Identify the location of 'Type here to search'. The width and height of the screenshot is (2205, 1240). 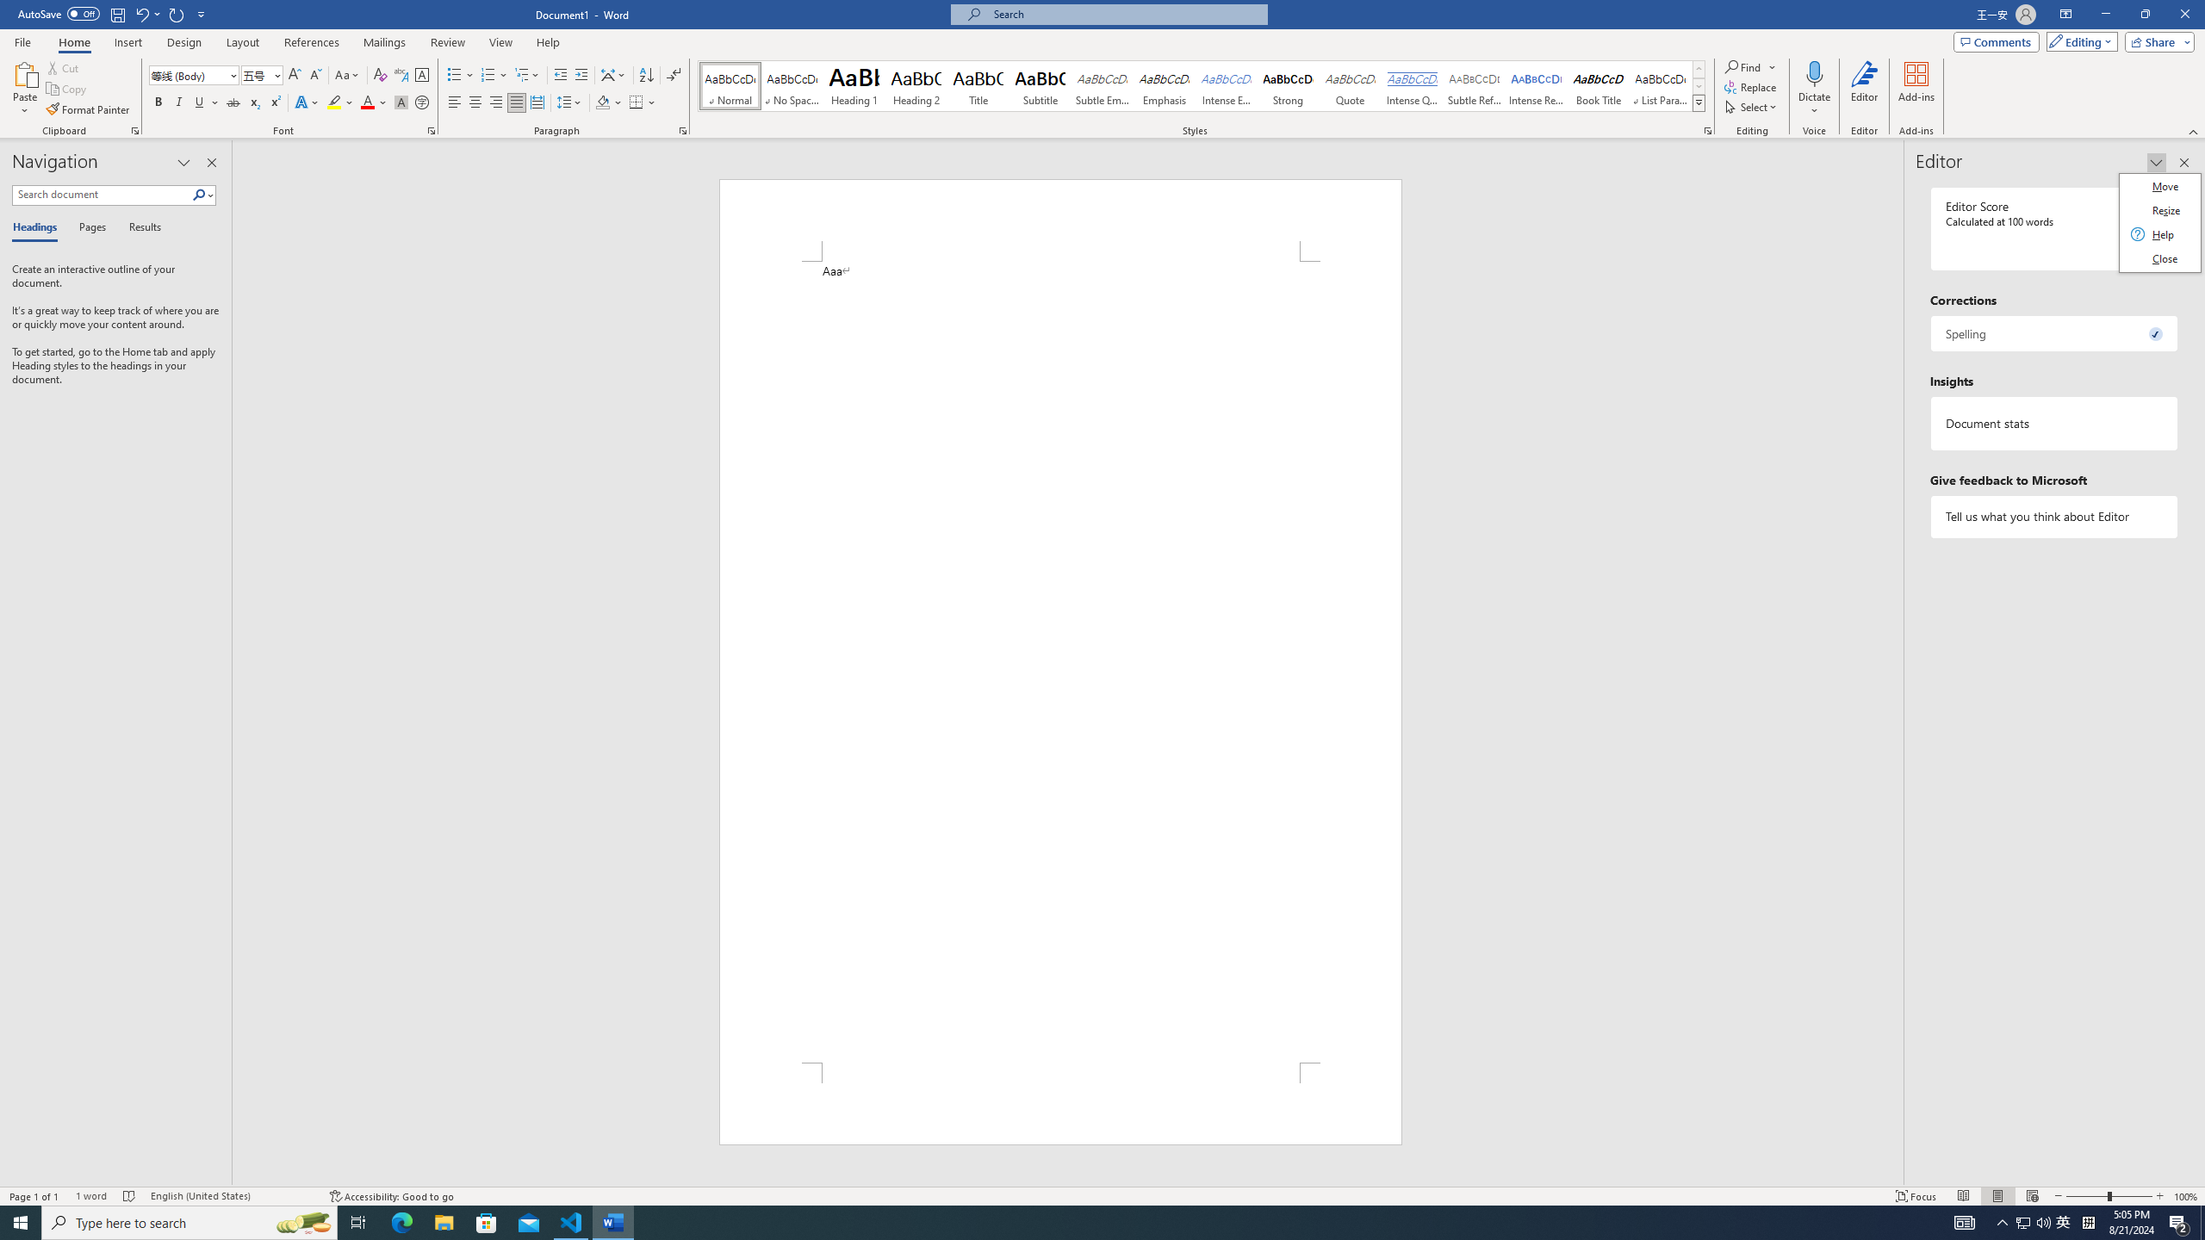
(189, 1221).